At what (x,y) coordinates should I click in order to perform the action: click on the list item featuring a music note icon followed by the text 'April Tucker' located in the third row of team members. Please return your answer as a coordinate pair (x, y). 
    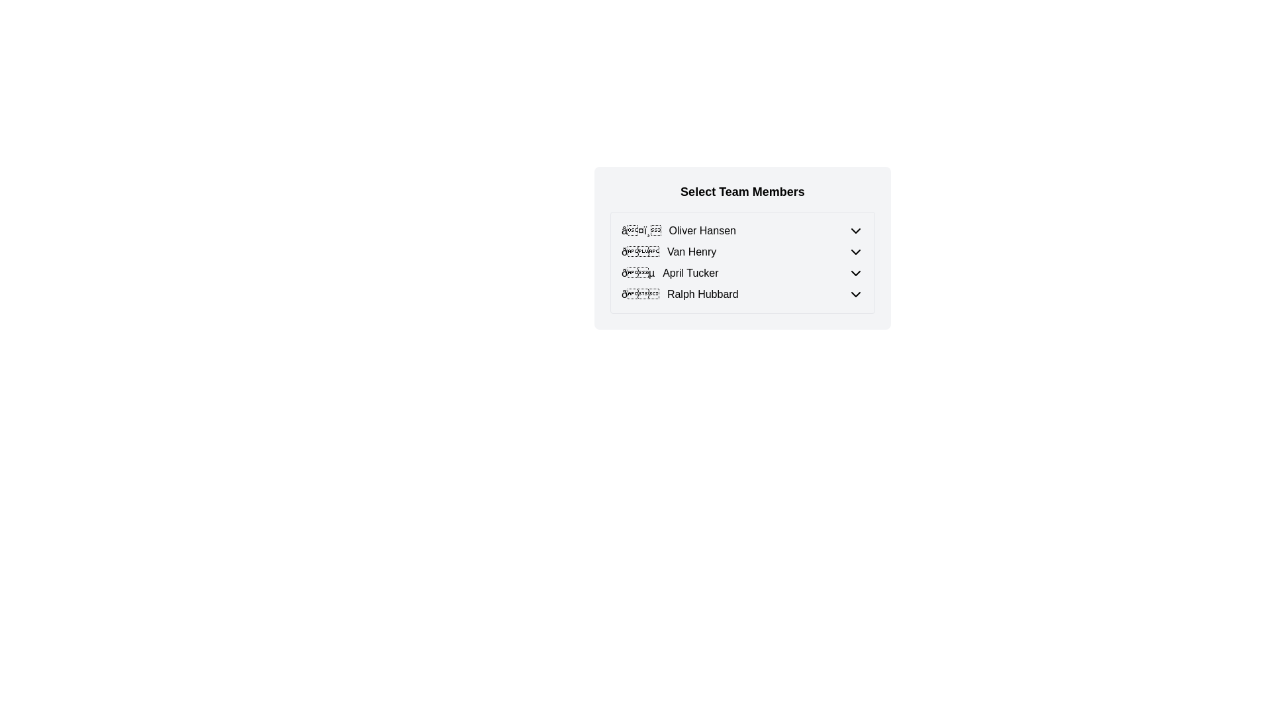
    Looking at the image, I should click on (670, 272).